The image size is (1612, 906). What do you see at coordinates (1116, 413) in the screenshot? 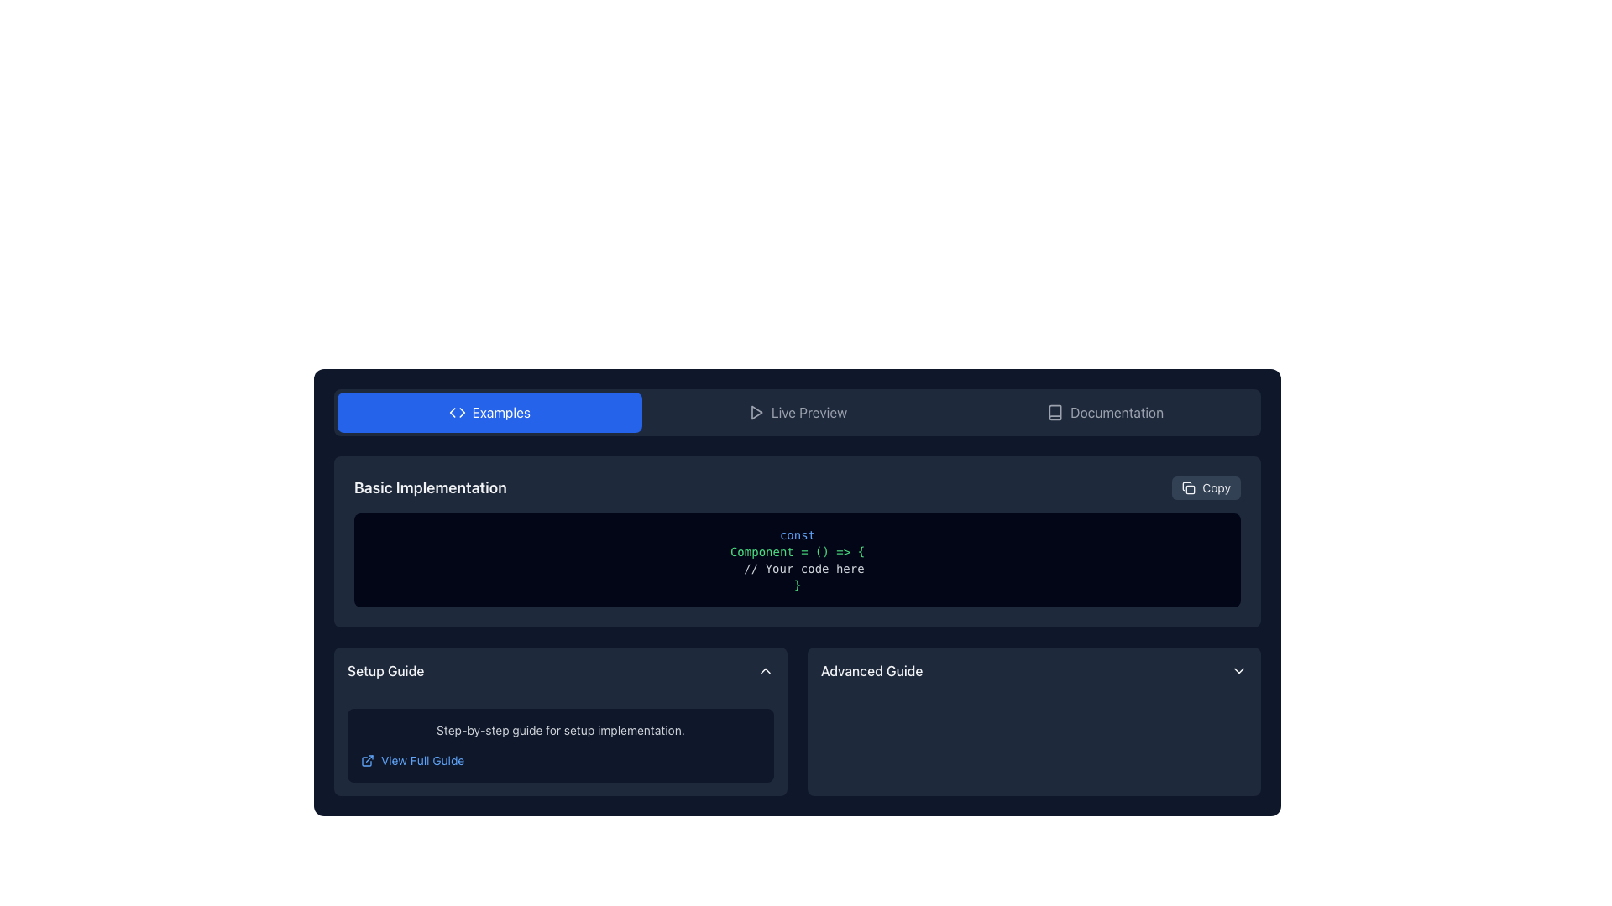
I see `the 'Documentation' text label within the navigation bar` at bounding box center [1116, 413].